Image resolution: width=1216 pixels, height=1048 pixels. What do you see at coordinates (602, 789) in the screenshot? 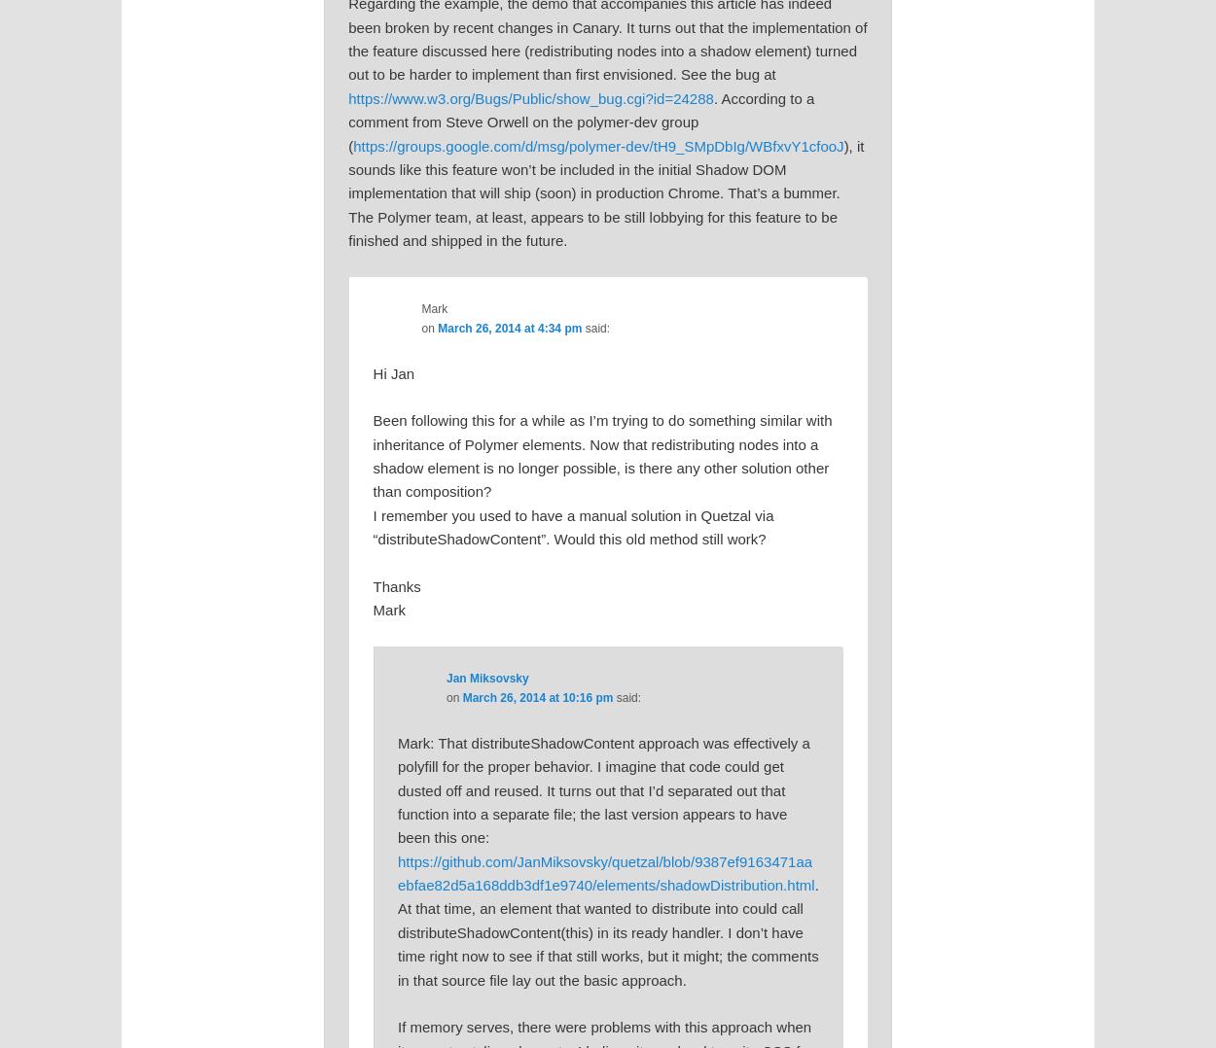
I see `'Mark: That distributeShadowContent approach was effectively a polyfill for the proper behavior. I imagine that code could get dusted off and reused. It turns out that I’d separated out that function into a separate file; the last version appears to have been this one:'` at bounding box center [602, 789].